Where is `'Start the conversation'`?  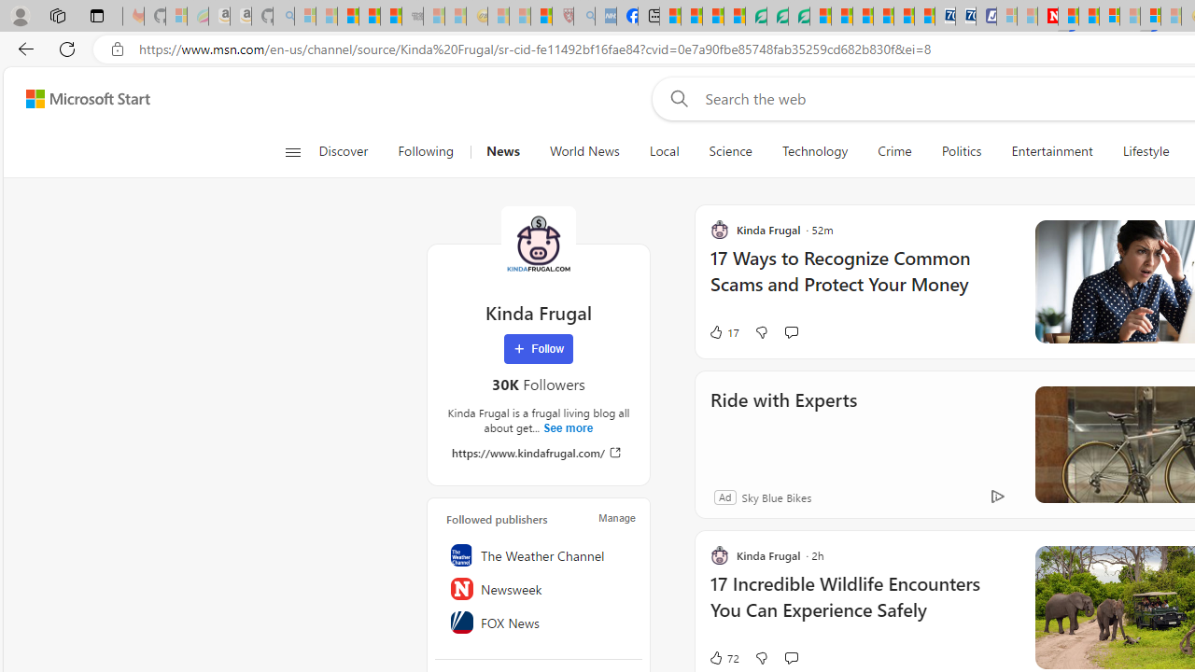 'Start the conversation' is located at coordinates (791, 656).